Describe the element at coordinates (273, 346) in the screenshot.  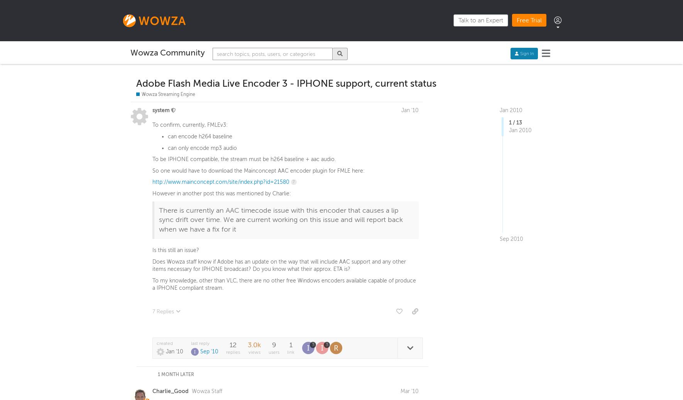
I see `'9'` at that location.